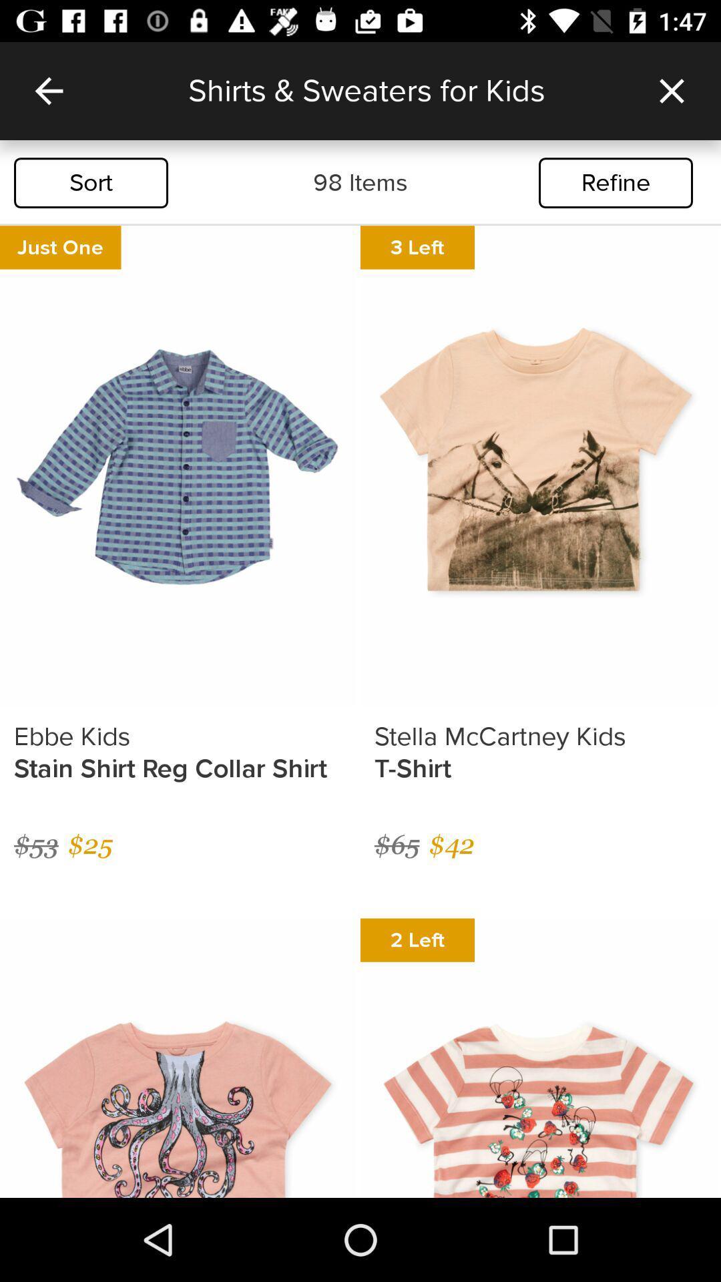  What do you see at coordinates (360, 182) in the screenshot?
I see `the item next to refine icon` at bounding box center [360, 182].